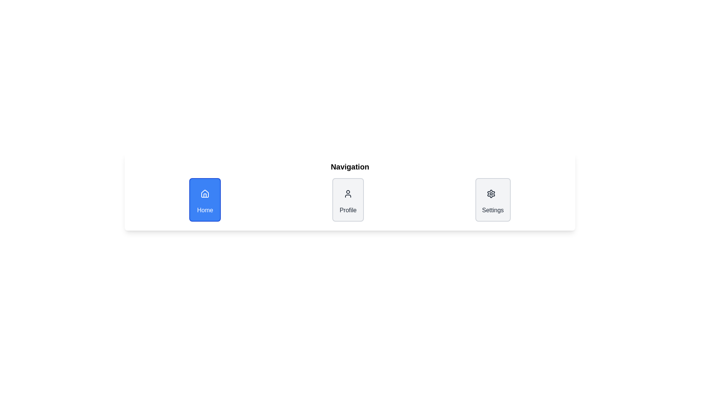 Image resolution: width=721 pixels, height=405 pixels. What do you see at coordinates (205, 195) in the screenshot?
I see `the lower half of the house structure icon, which is part of the 'Home' button in the navigation menu` at bounding box center [205, 195].